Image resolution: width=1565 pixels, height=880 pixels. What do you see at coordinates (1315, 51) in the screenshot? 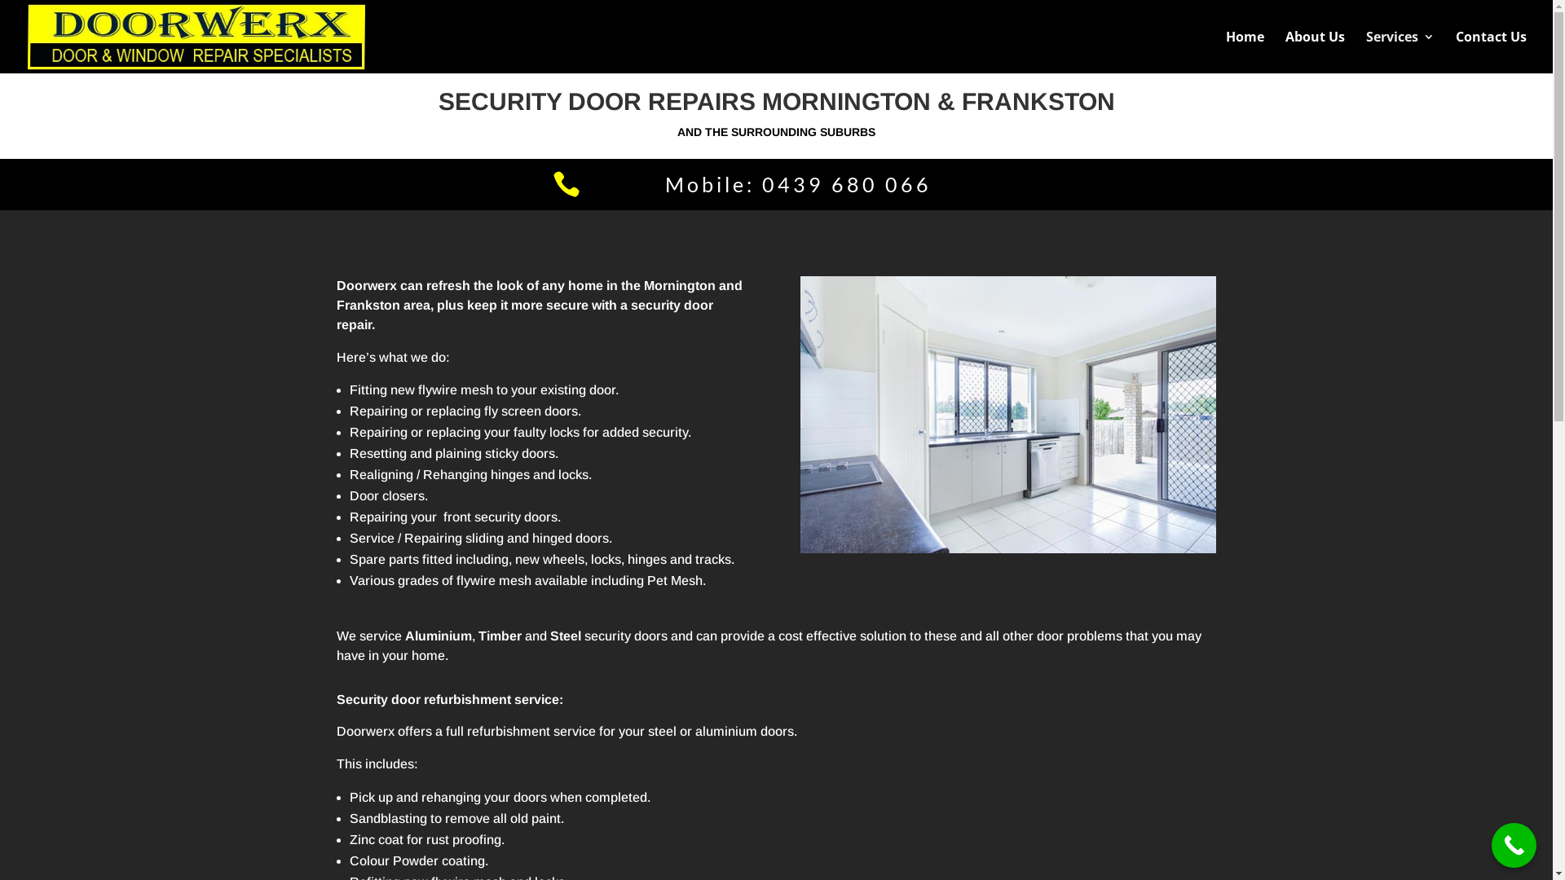
I see `'About Us'` at bounding box center [1315, 51].